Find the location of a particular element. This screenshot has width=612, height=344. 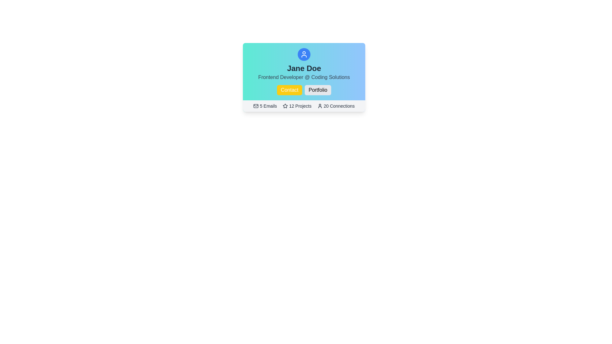

the Label with an icon that indicates the number of connections, located as the third element in a row of three, to the far right of the card, below the name and role section is located at coordinates (336, 105).